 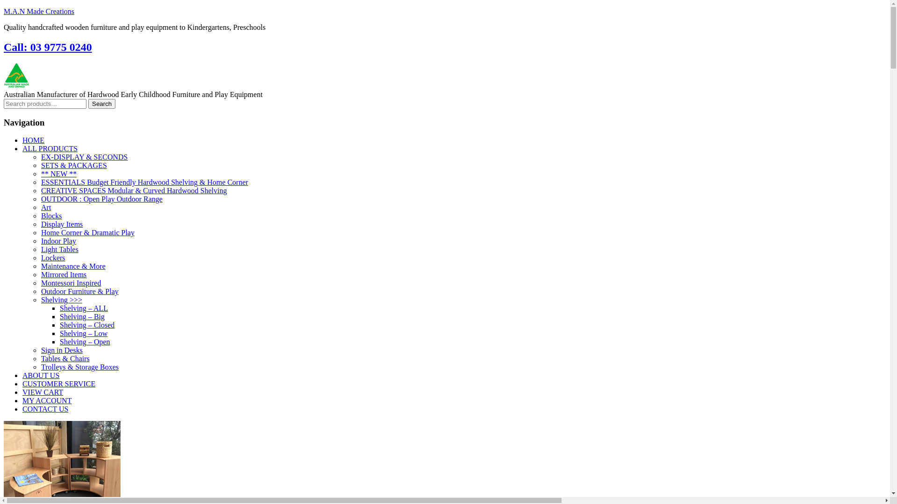 What do you see at coordinates (22, 392) in the screenshot?
I see `'VIEW CART'` at bounding box center [22, 392].